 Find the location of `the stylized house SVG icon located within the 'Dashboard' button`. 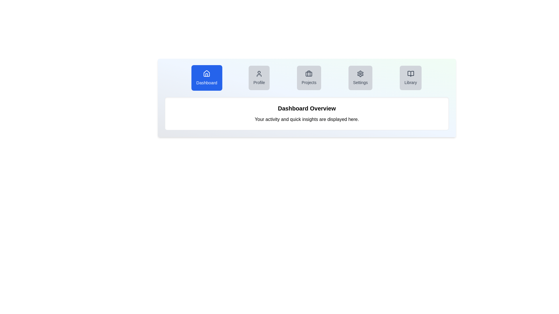

the stylized house SVG icon located within the 'Dashboard' button is located at coordinates (207, 73).